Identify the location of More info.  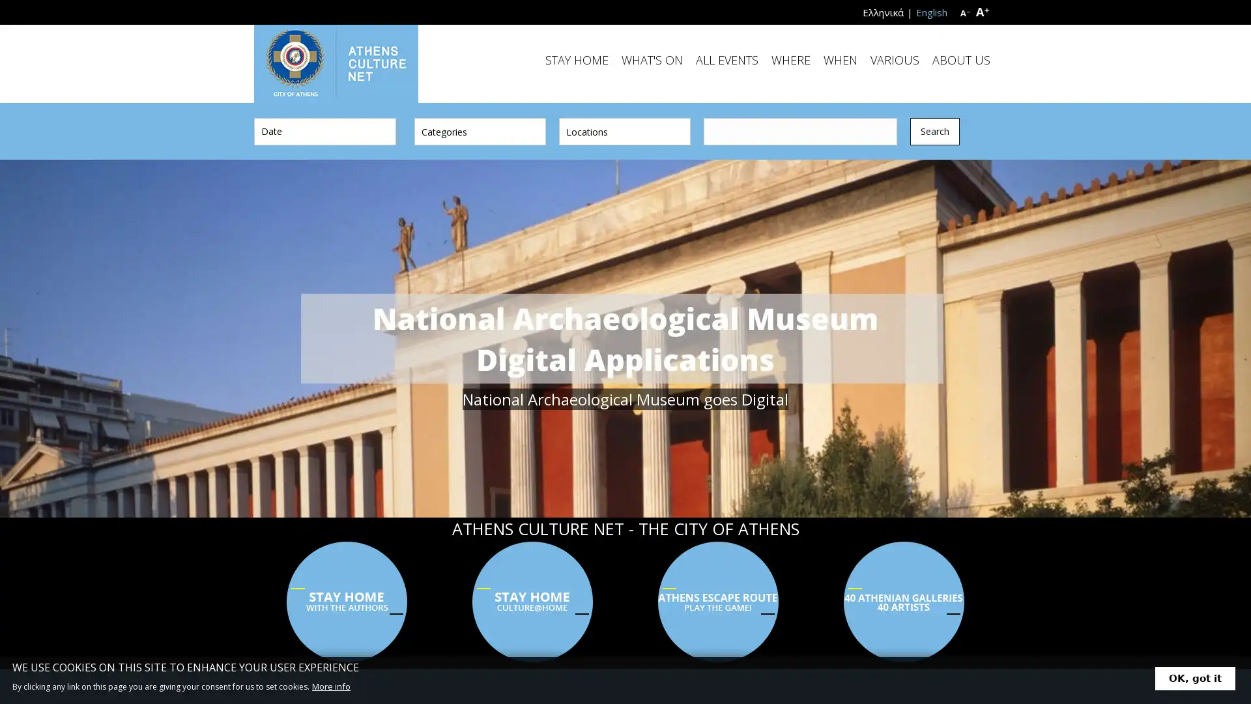
(331, 686).